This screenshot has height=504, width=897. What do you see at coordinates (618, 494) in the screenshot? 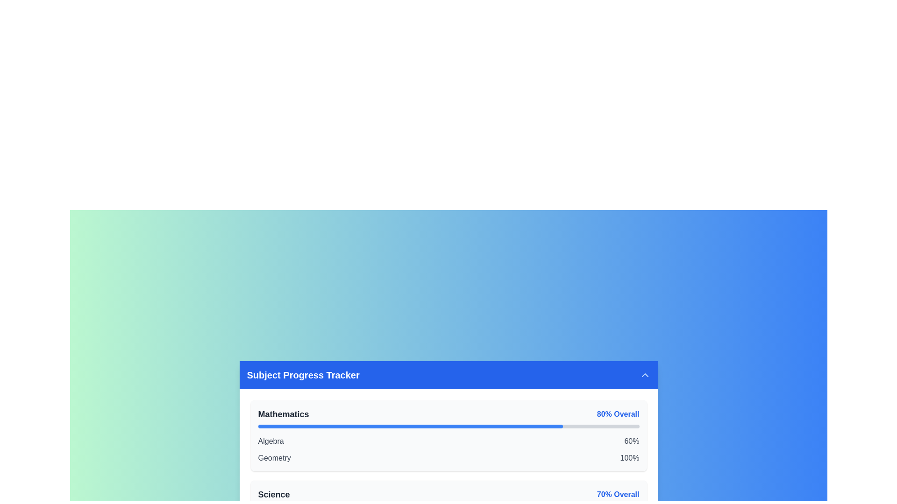
I see `the text label displaying '70% Overall', which is styled with a medium font size, blue color, and bold font weight, located in the 'Subject Progress Tracker' card under the 'Science' section` at bounding box center [618, 494].